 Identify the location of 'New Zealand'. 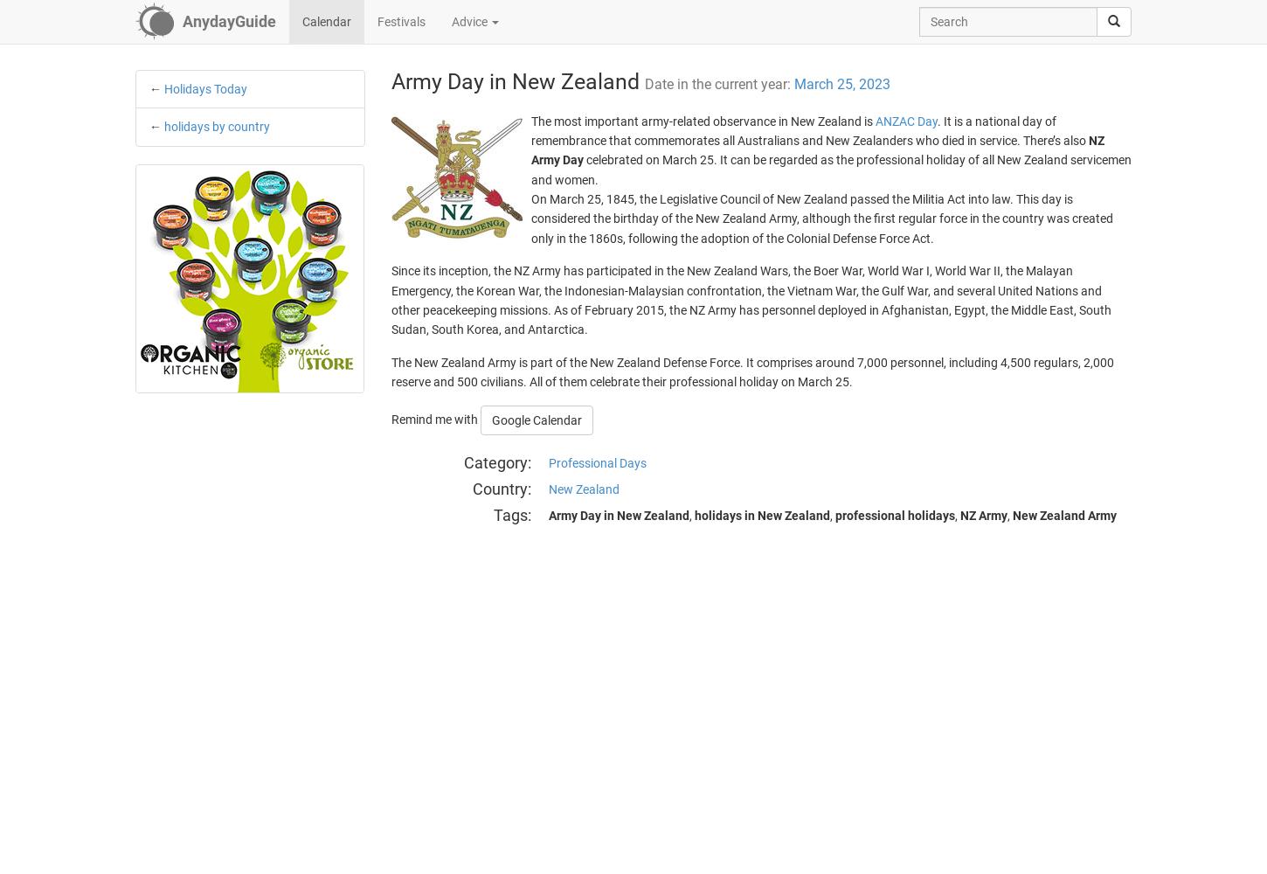
(582, 489).